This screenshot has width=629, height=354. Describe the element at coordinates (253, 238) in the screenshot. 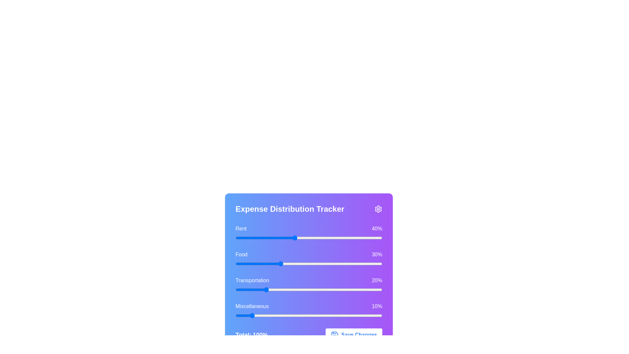

I see `the Rent slider` at that location.